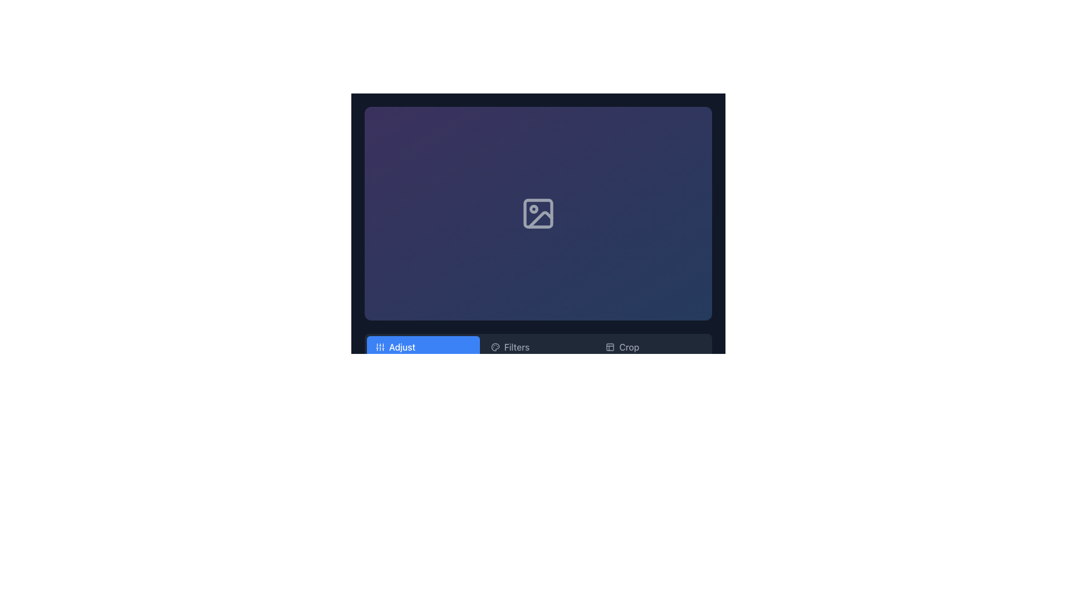  Describe the element at coordinates (538, 347) in the screenshot. I see `the 'Filters' segment of the horizontal navigation menu bar, which has a grayish background and rounded corners` at that location.